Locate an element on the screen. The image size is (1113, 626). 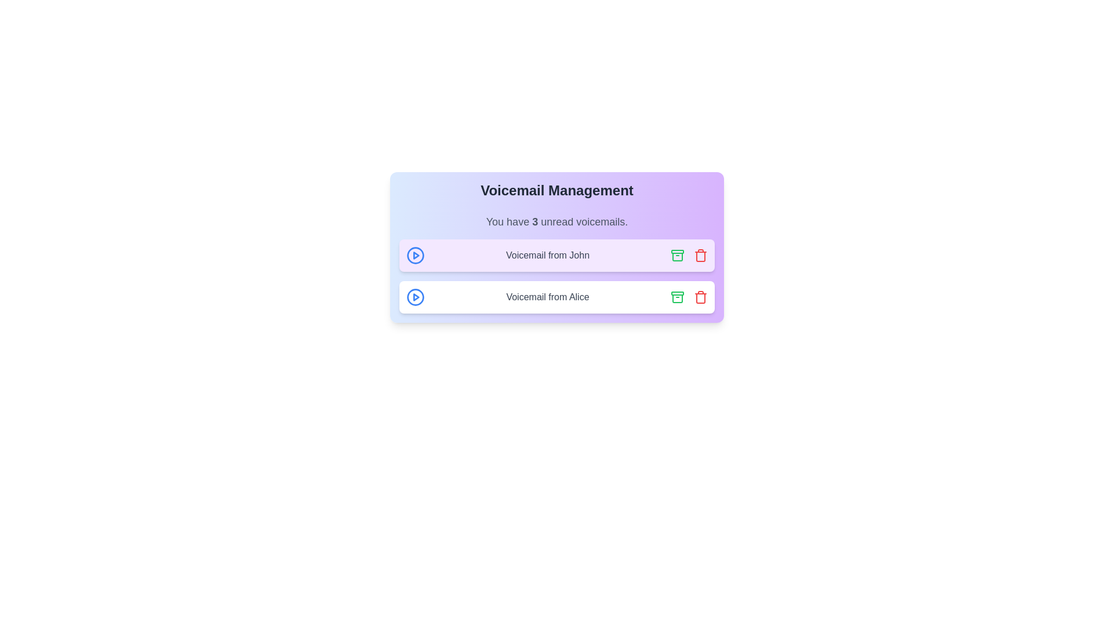
the play button for the voicemail entry labeled 'Voicemail from John' is located at coordinates (416, 297).